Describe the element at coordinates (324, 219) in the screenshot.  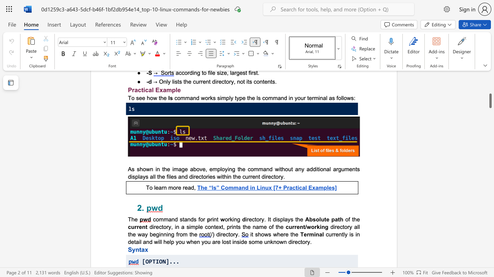
I see `the subset text "te path" within the text "Absolute path"` at that location.